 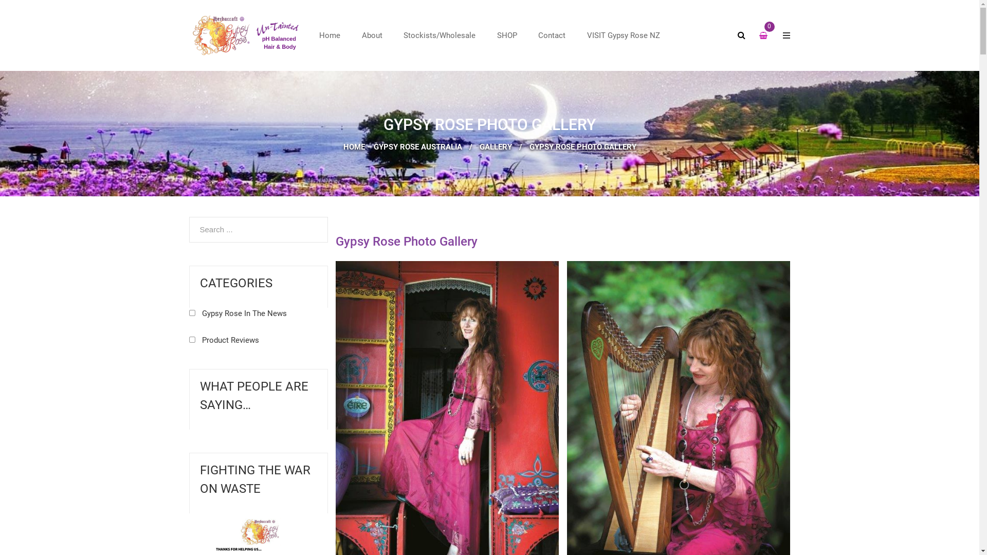 I want to click on 'Contact', so click(x=551, y=35).